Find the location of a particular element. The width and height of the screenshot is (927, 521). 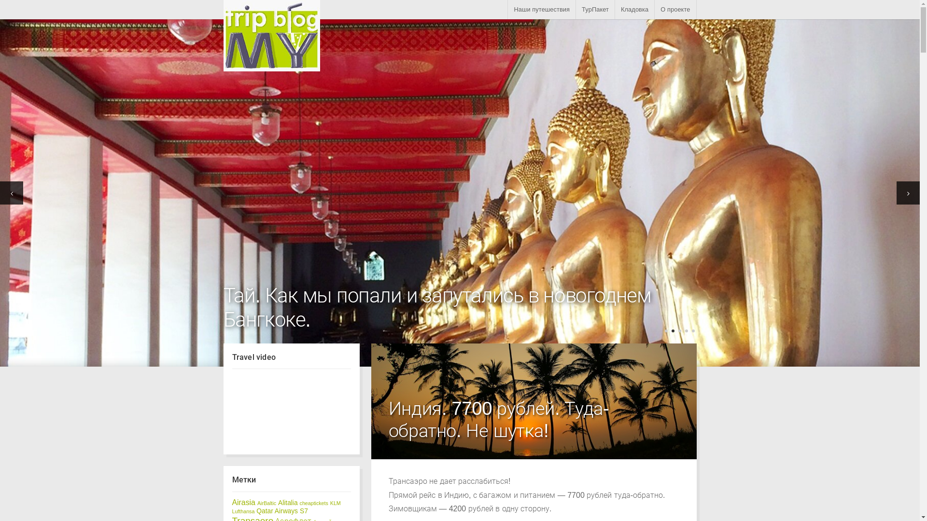

'KLM' is located at coordinates (330, 502).